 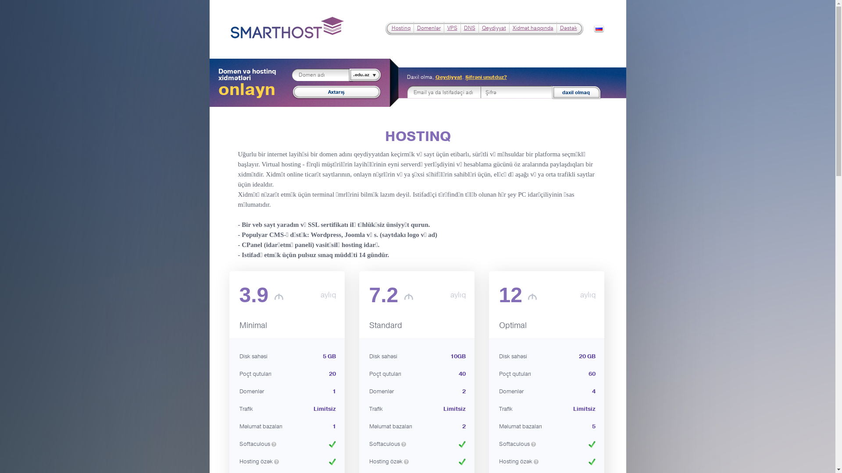 What do you see at coordinates (463, 28) in the screenshot?
I see `'DNS'` at bounding box center [463, 28].